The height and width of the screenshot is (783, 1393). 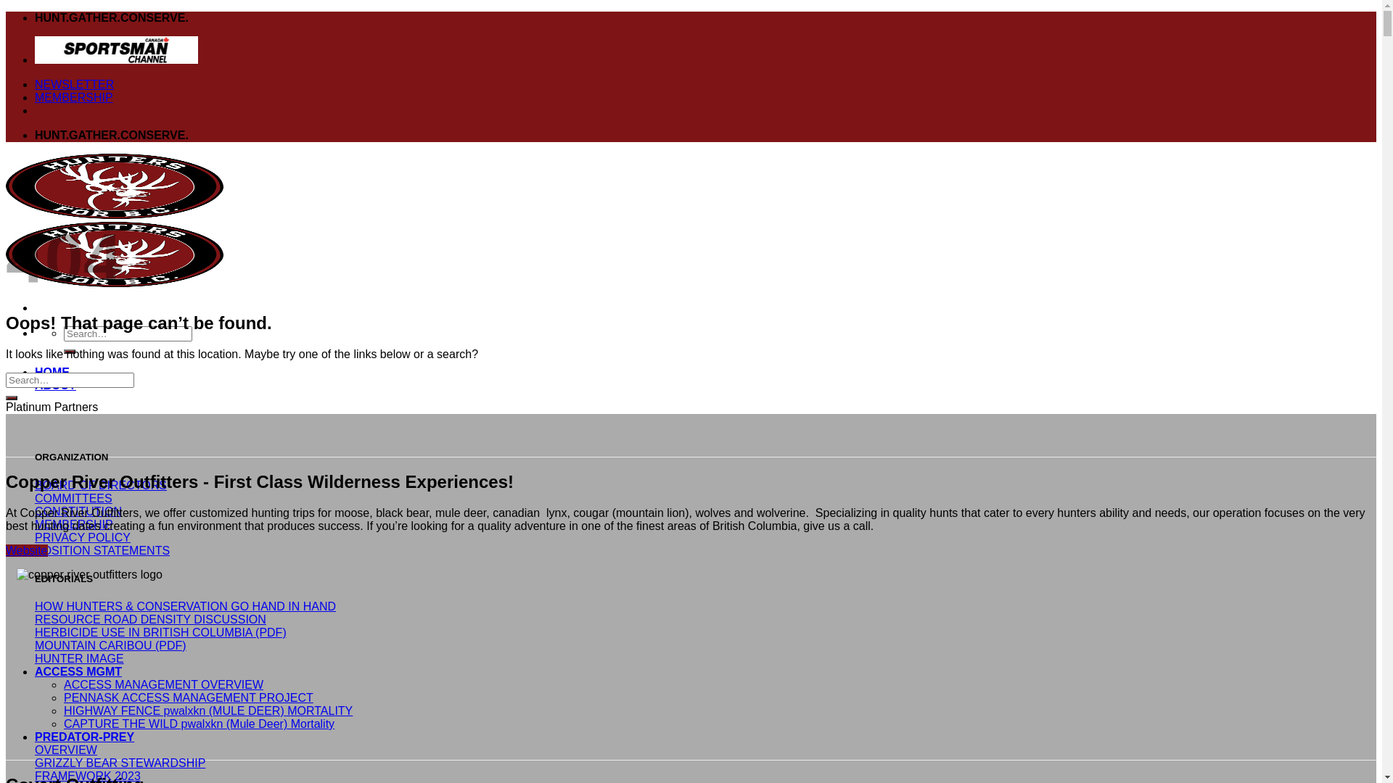 I want to click on 'PRIVACY POLICY', so click(x=35, y=537).